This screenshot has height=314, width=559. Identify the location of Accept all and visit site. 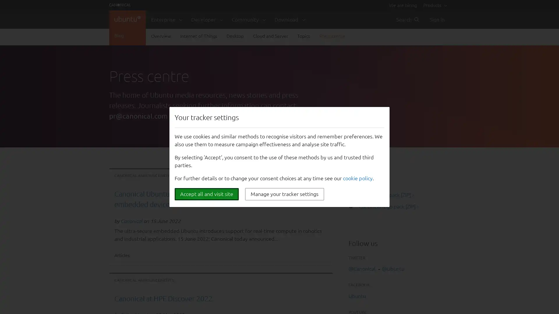
(207, 194).